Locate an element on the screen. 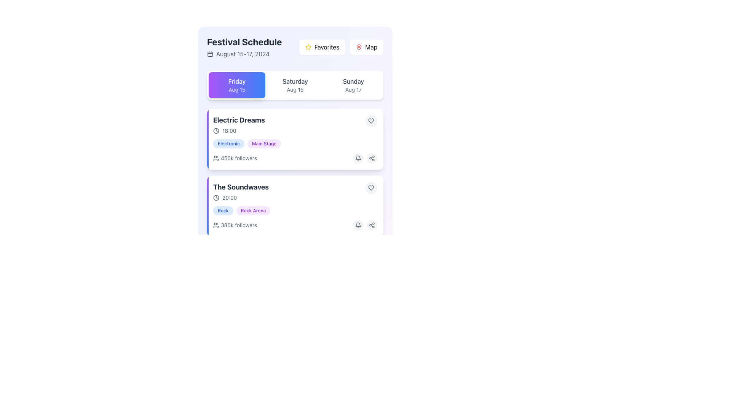 This screenshot has width=731, height=411. keyboard navigation is located at coordinates (371, 188).